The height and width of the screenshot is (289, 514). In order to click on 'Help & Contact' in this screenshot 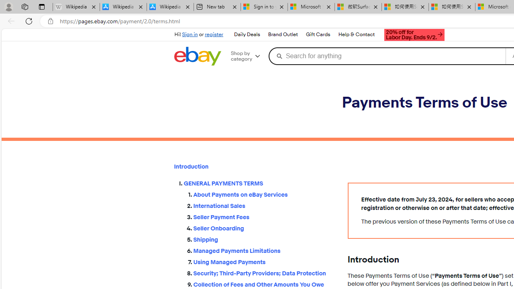, I will do `click(356, 35)`.